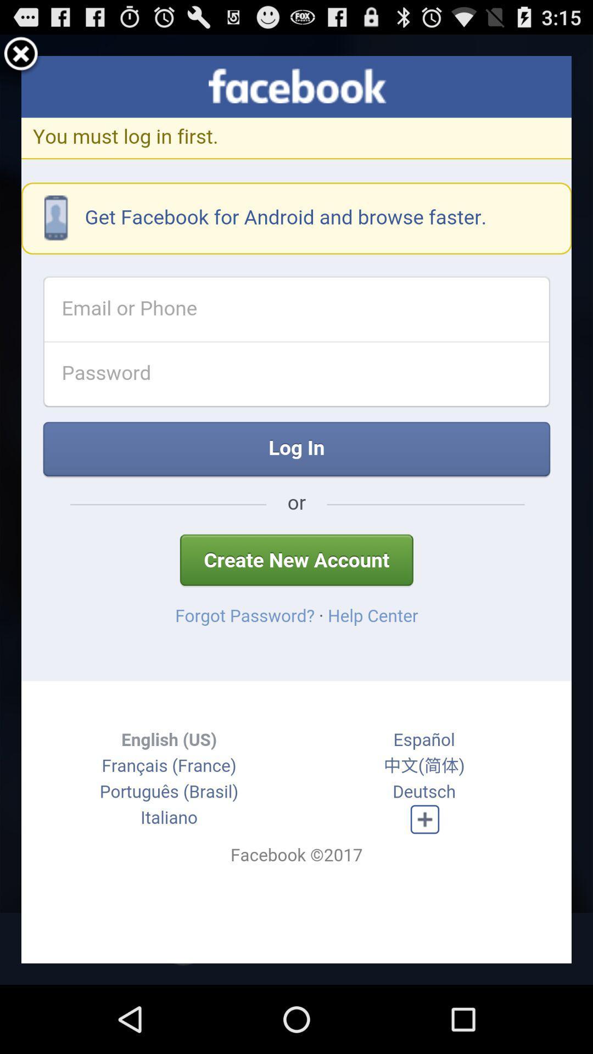 The image size is (593, 1054). Describe the element at coordinates (21, 55) in the screenshot. I see `button` at that location.